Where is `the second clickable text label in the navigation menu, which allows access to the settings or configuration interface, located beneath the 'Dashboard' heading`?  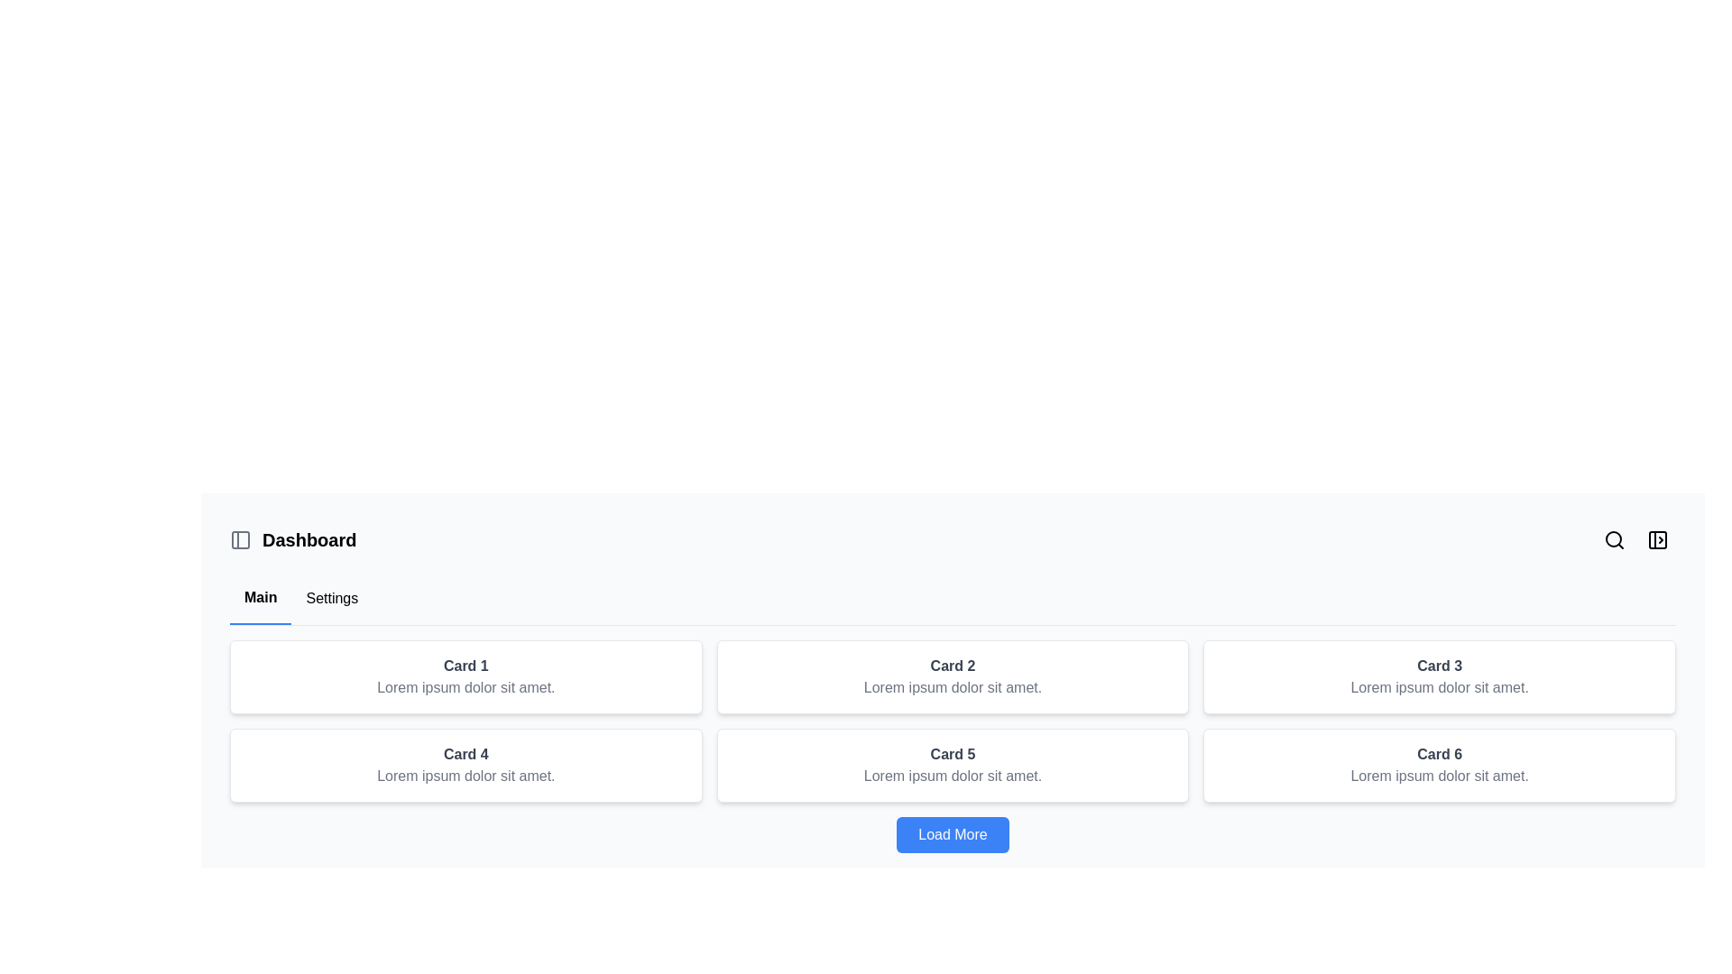
the second clickable text label in the navigation menu, which allows access to the settings or configuration interface, located beneath the 'Dashboard' heading is located at coordinates (332, 598).